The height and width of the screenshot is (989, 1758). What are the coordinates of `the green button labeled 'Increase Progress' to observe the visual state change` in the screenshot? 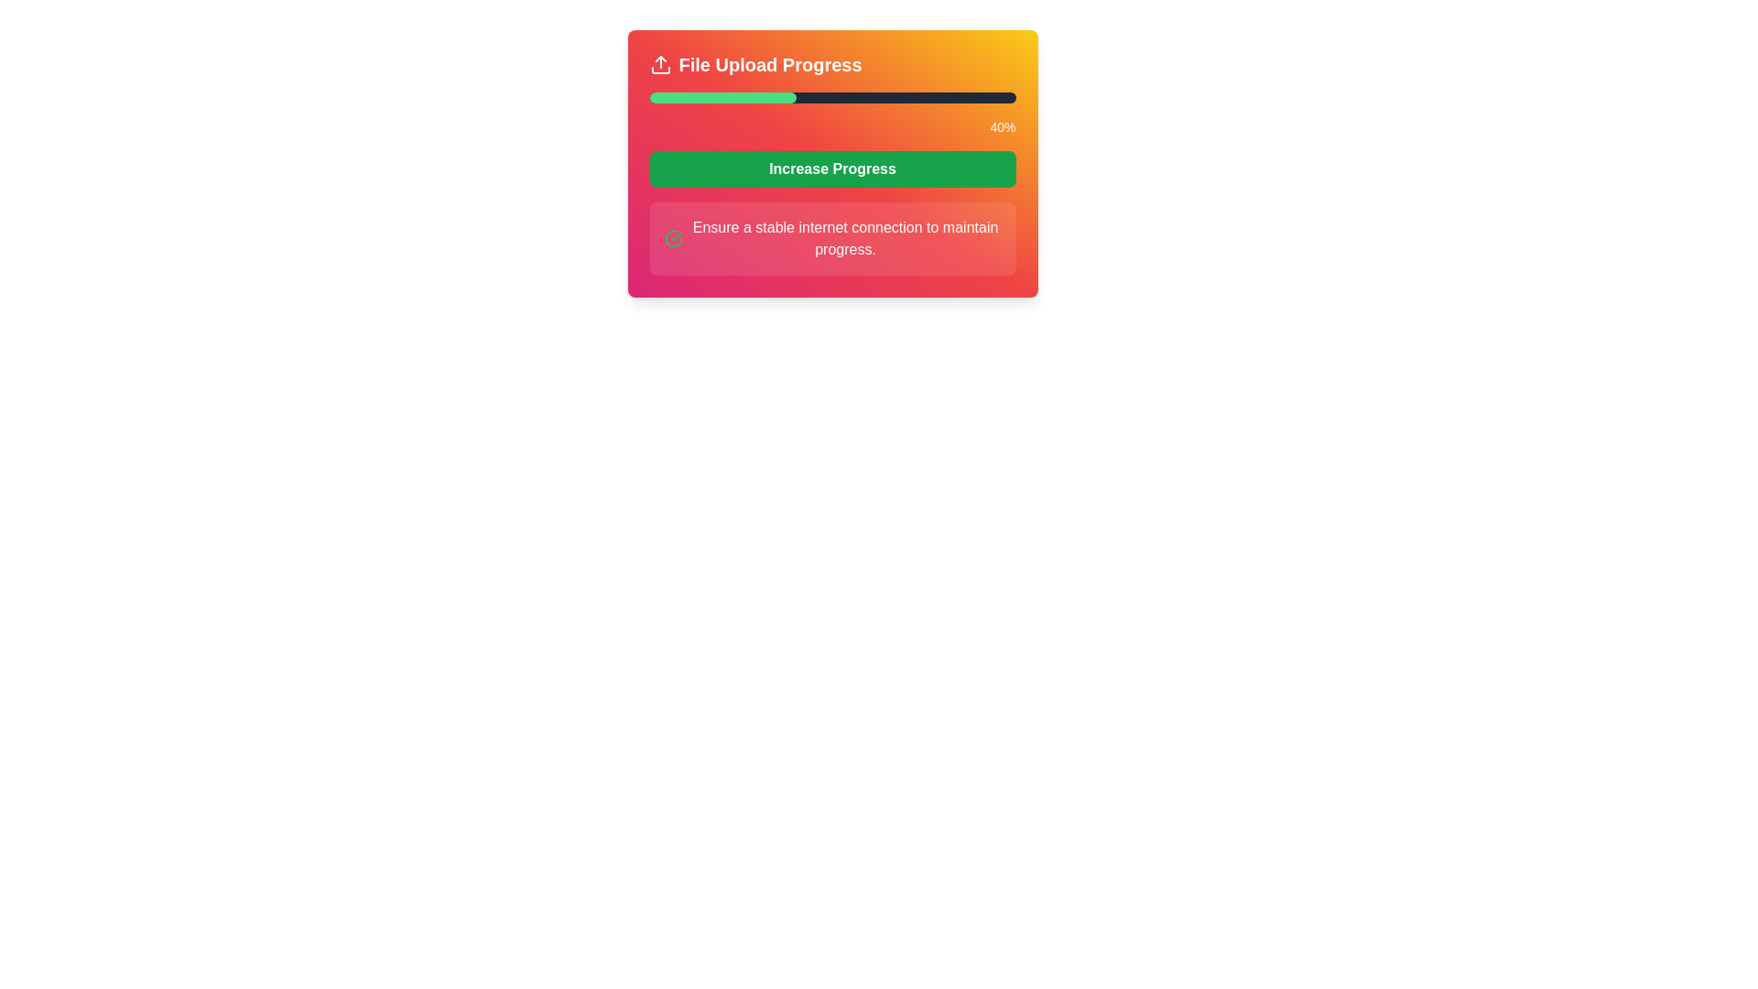 It's located at (831, 169).